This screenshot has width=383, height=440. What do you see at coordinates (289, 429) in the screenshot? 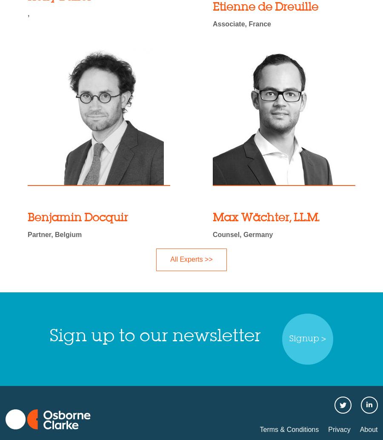
I see `'Terms & Conditions'` at bounding box center [289, 429].